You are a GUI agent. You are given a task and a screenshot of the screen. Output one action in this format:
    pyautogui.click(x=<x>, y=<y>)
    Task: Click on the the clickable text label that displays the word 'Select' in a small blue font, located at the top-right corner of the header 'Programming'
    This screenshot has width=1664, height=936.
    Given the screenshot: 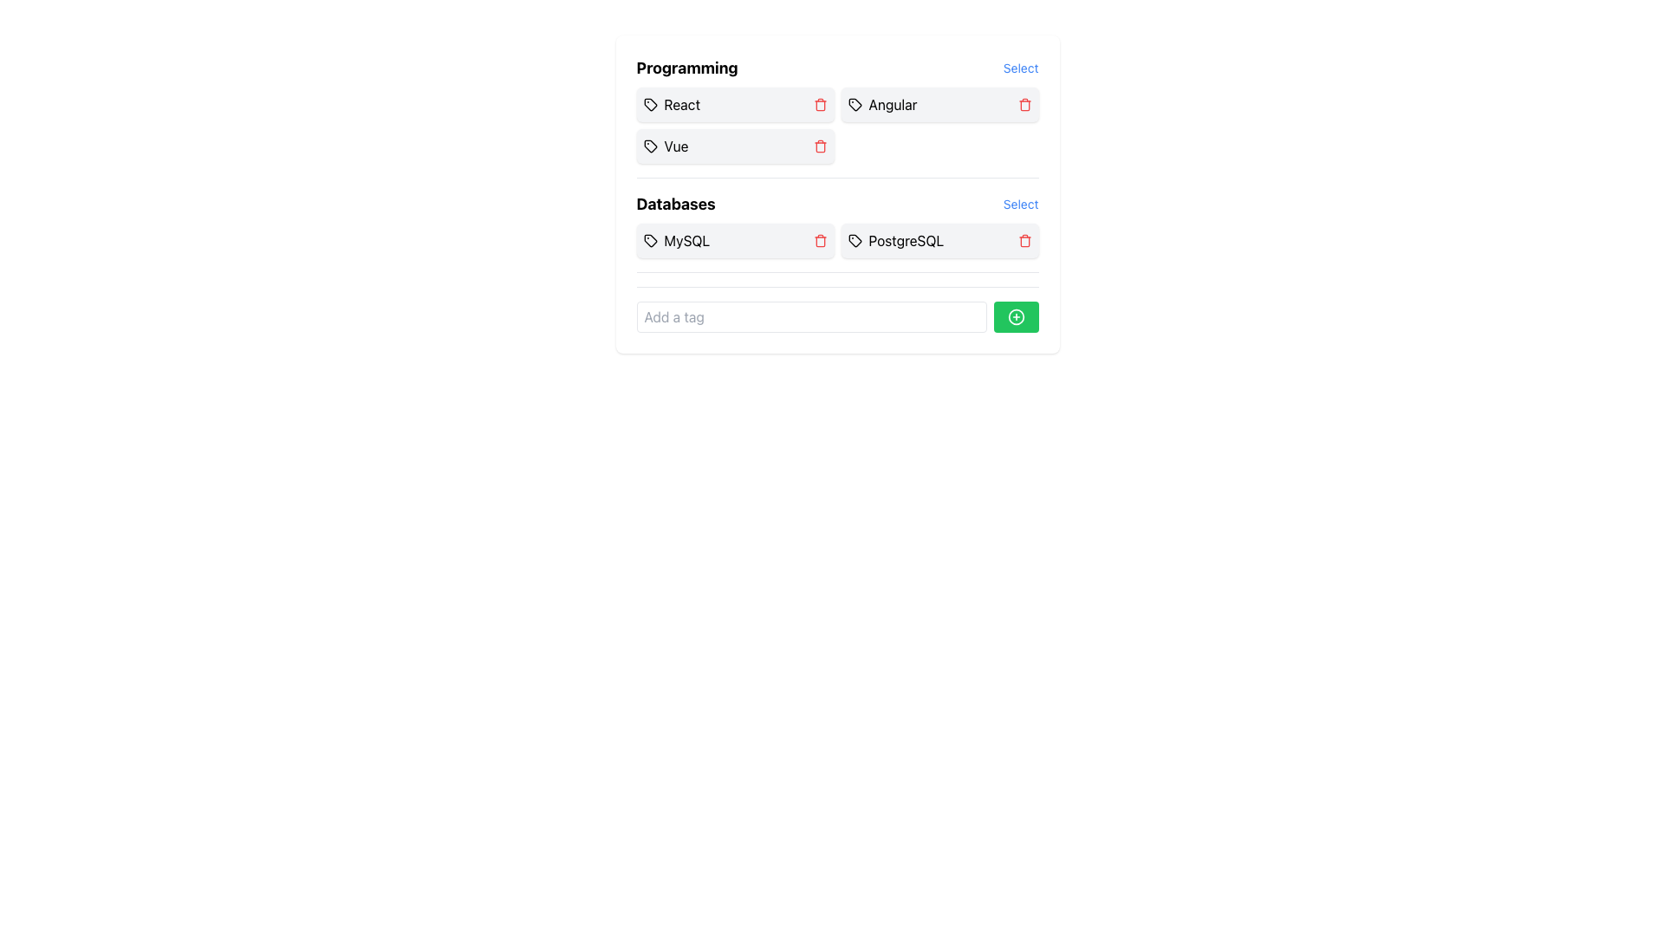 What is the action you would take?
    pyautogui.click(x=1021, y=67)
    